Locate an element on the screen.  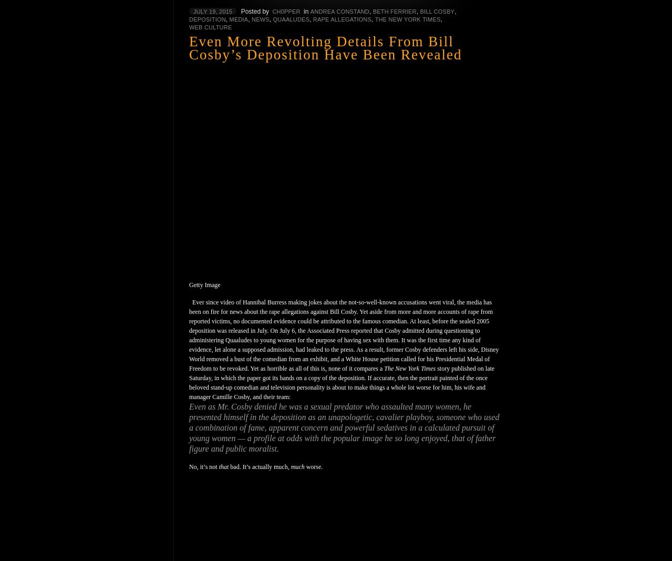
'bad. It’s actually much,' is located at coordinates (259, 465).